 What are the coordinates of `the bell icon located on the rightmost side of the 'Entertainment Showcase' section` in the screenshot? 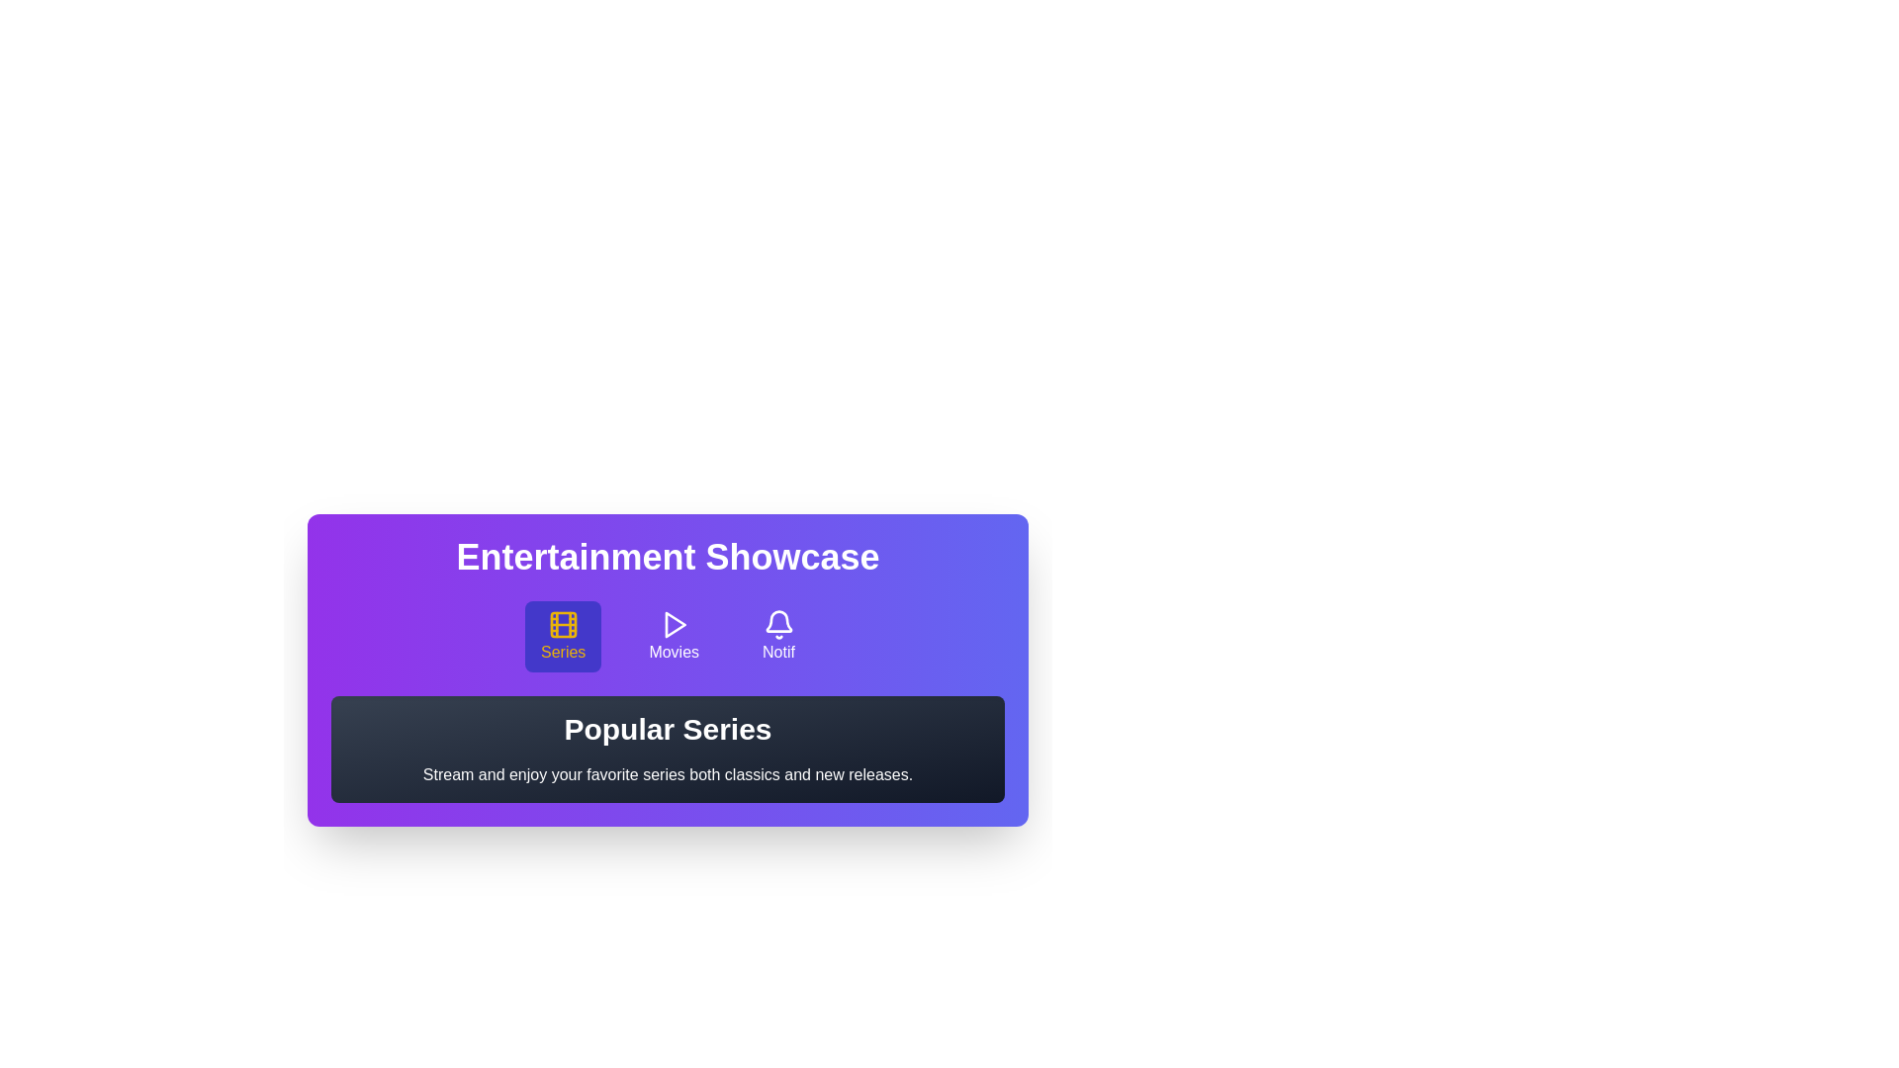 It's located at (777, 625).